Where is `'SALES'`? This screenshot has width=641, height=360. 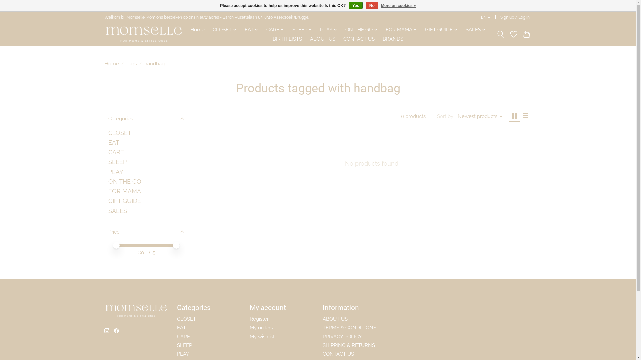
'SALES' is located at coordinates (475, 29).